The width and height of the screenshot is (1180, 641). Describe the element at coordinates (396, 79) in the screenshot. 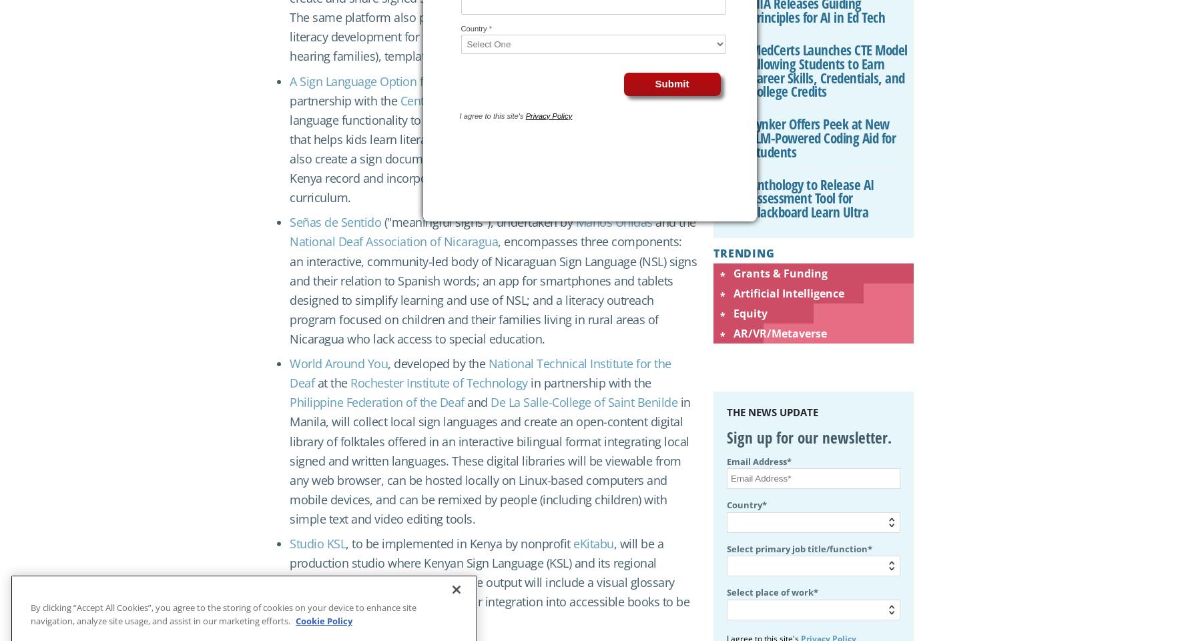

I see `'A Sign Language Option for KitKit  School'` at that location.